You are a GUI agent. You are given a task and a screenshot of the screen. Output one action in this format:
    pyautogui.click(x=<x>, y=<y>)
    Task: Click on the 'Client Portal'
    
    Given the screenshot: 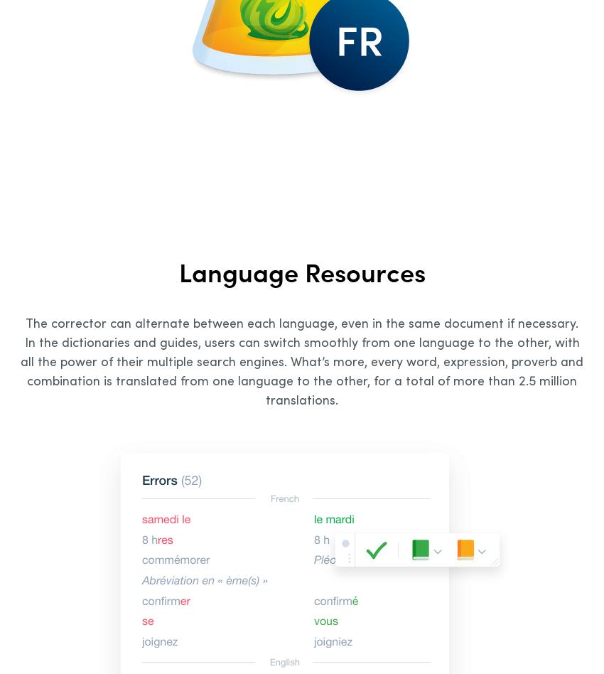 What is the action you would take?
    pyautogui.click(x=374, y=456)
    